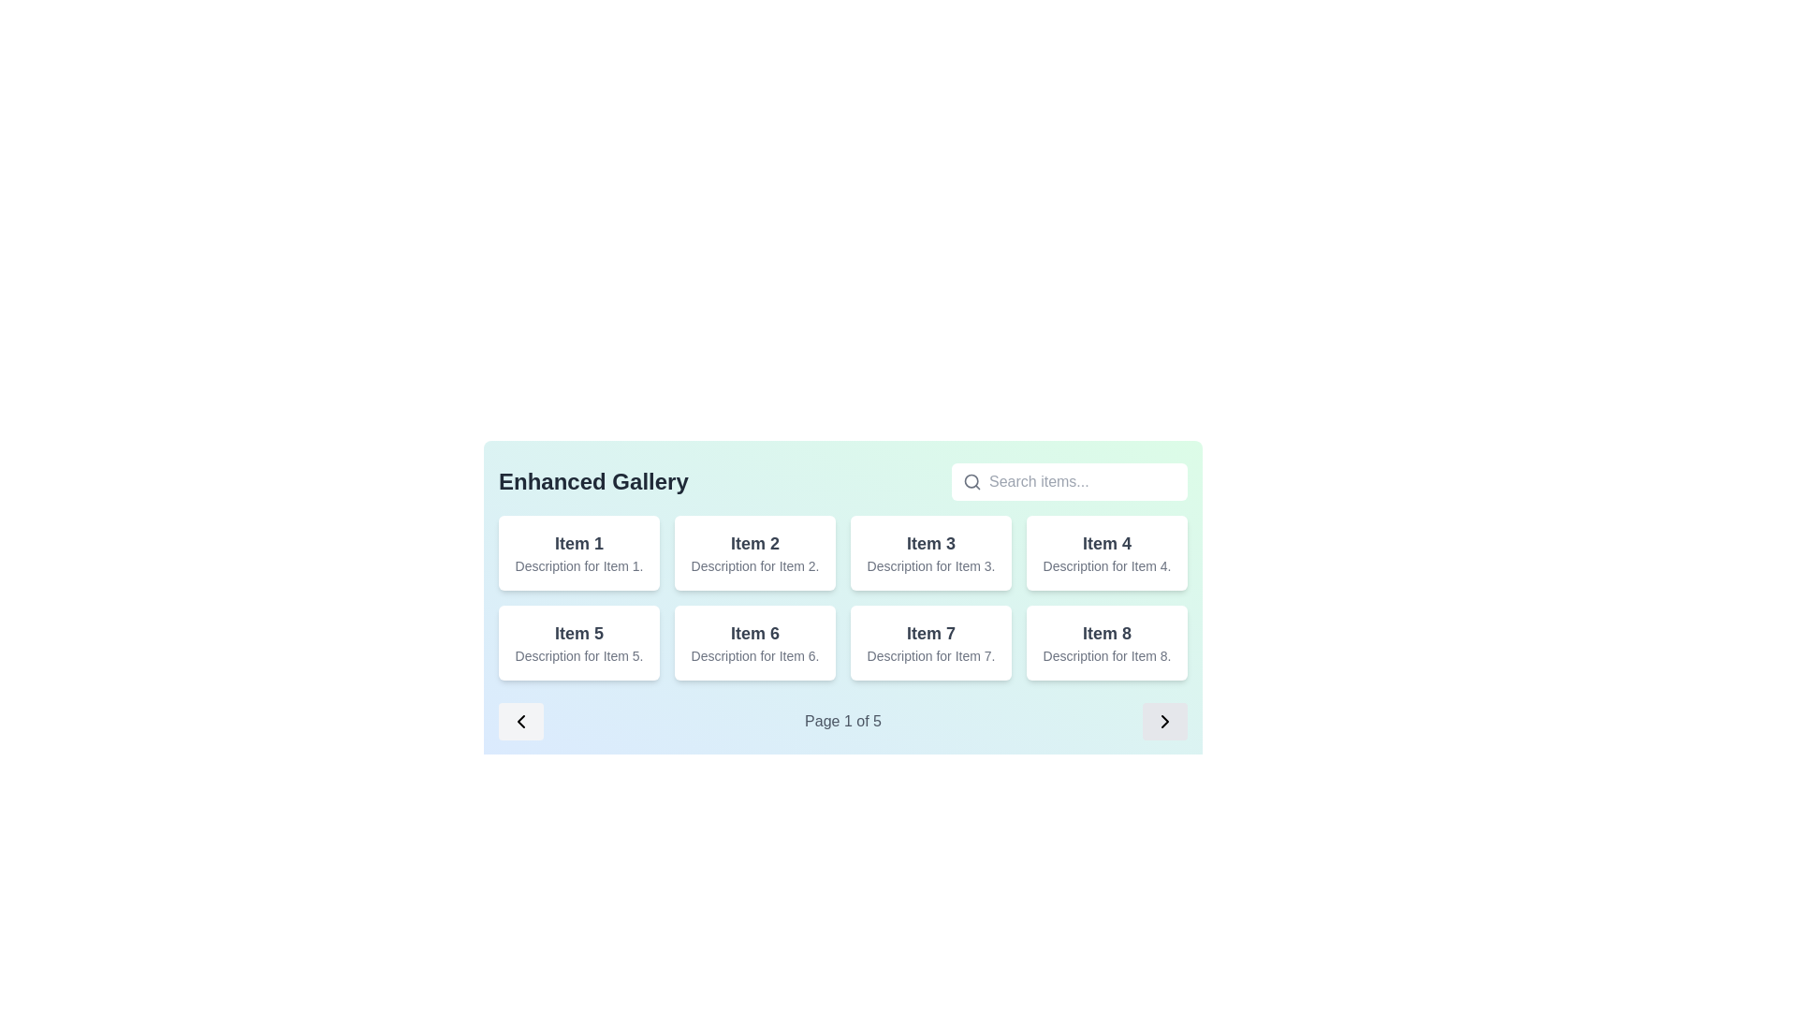  I want to click on the Card representing 'Item 6' located in the second row and second column of the gallery grid, so click(754, 641).